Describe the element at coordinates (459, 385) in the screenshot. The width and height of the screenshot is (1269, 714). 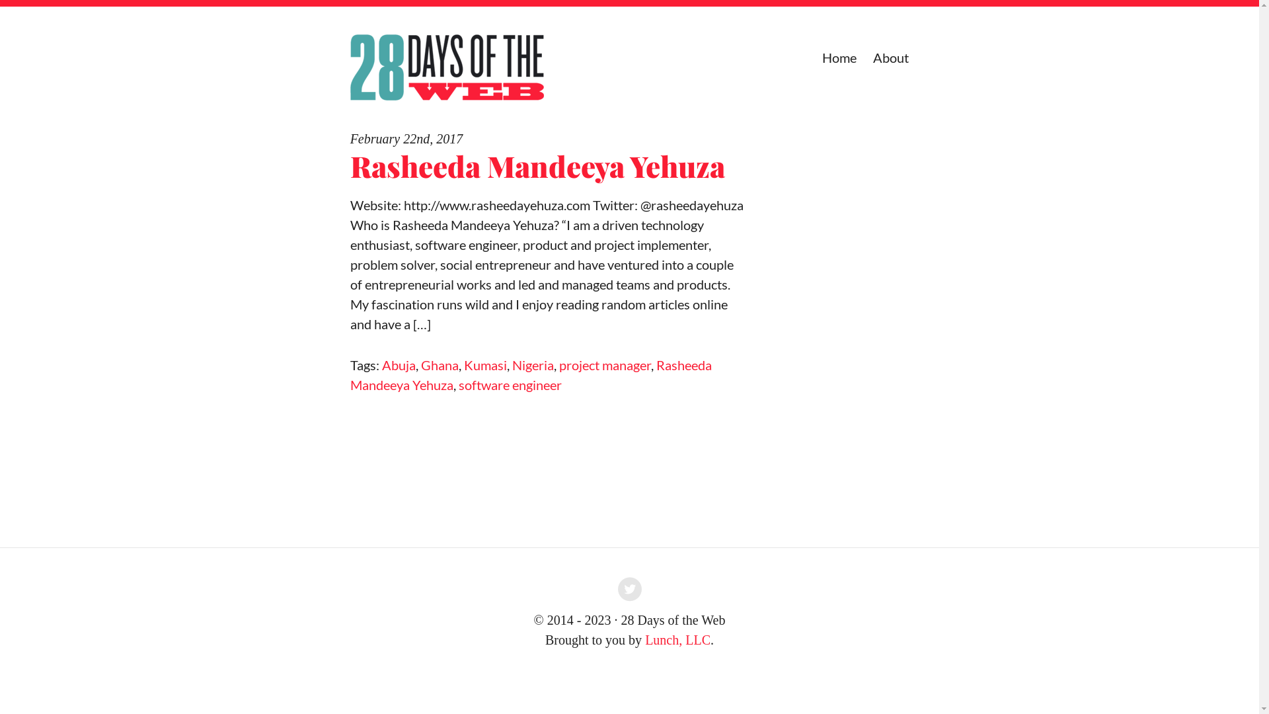
I see `'software engineer'` at that location.